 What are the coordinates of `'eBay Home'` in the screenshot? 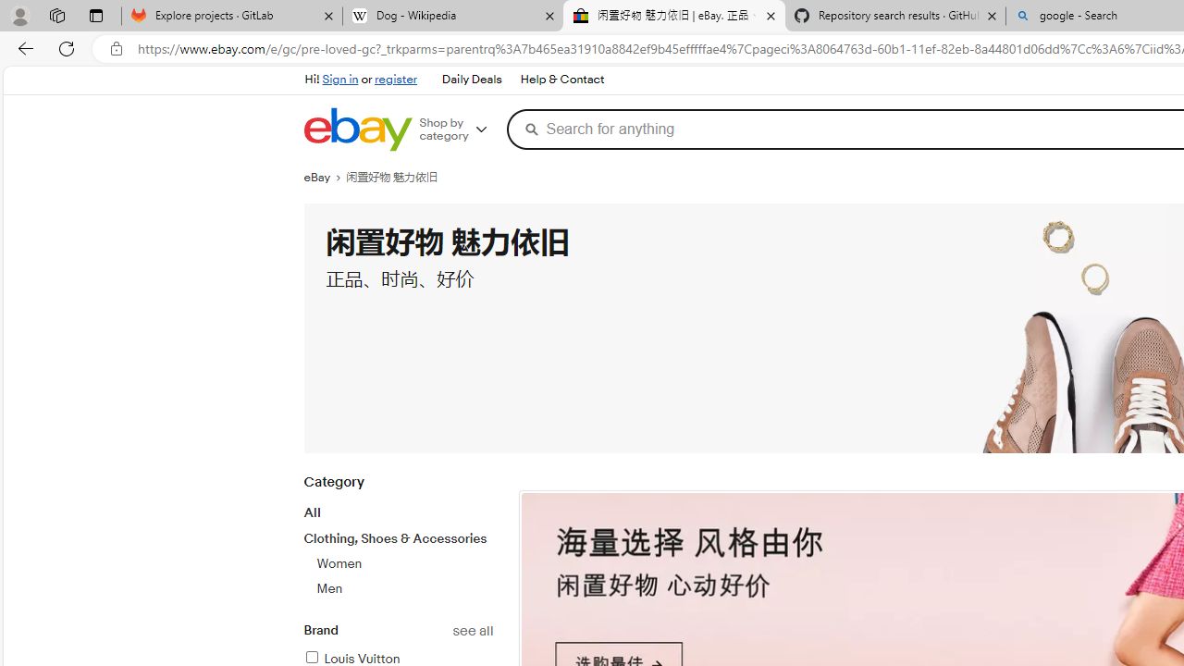 It's located at (357, 129).